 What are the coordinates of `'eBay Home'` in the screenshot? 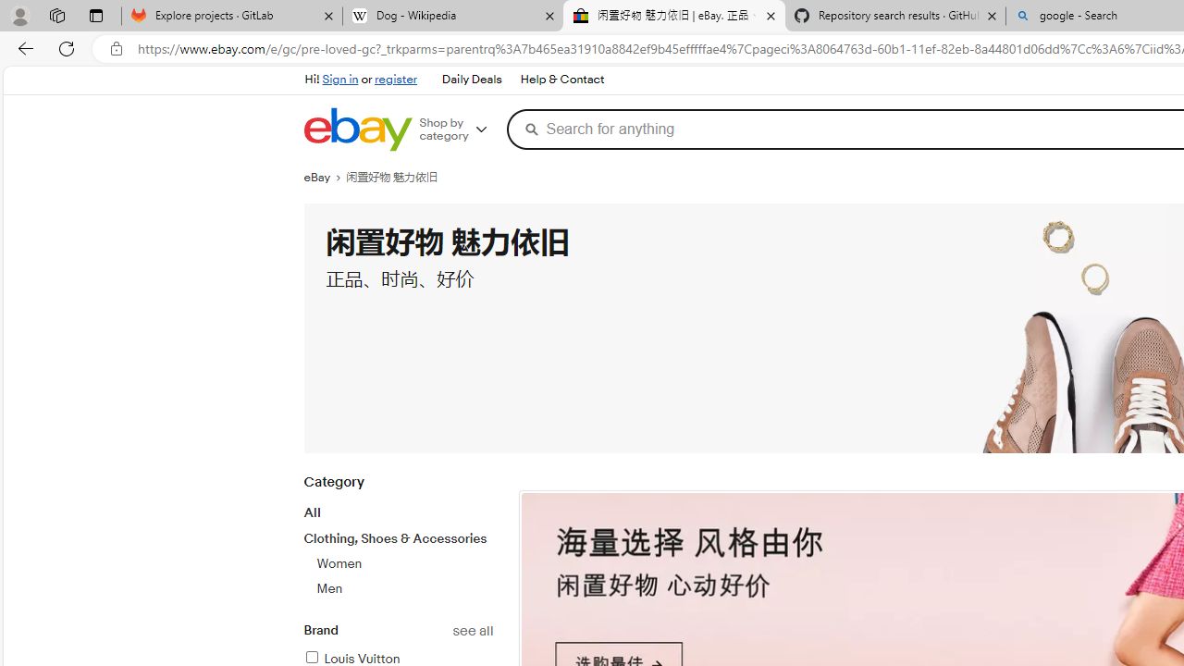 It's located at (357, 129).